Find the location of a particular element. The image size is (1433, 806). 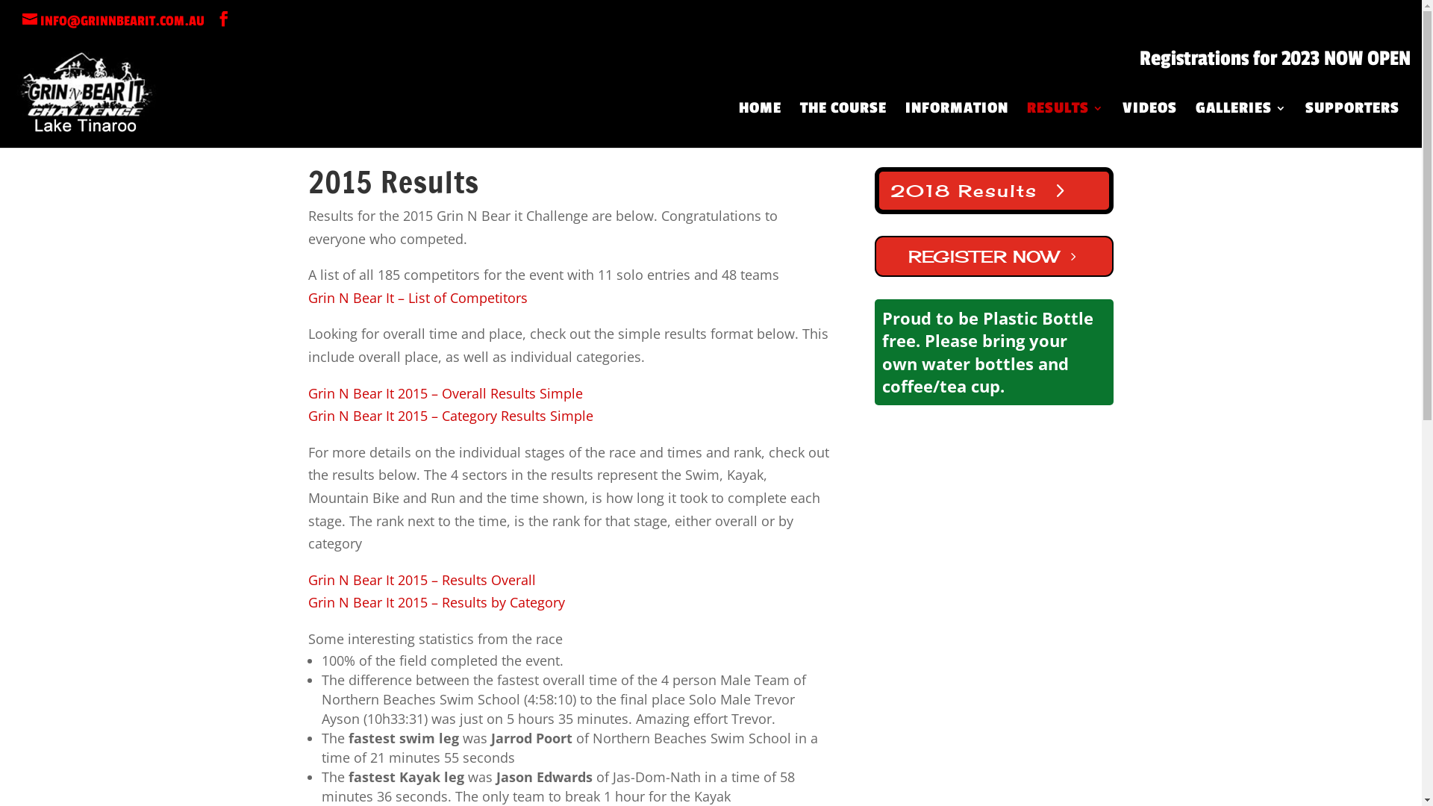

'INFO@GRINNBEARIT.COM.AU' is located at coordinates (22, 20).